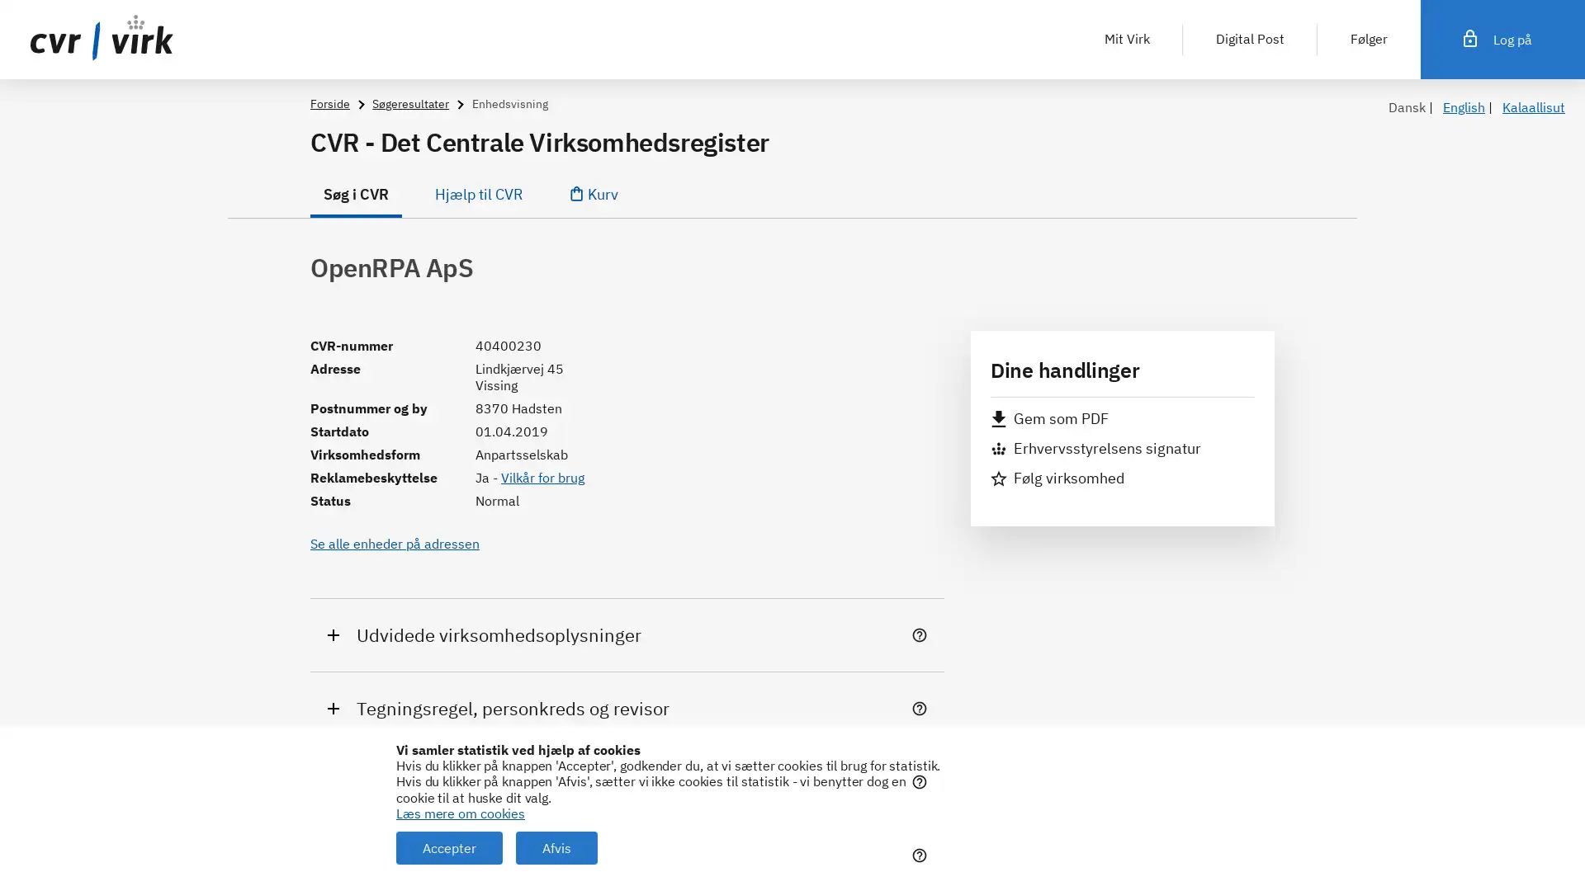 The height and width of the screenshot is (891, 1585). I want to click on Flg virksomhed, so click(1057, 478).